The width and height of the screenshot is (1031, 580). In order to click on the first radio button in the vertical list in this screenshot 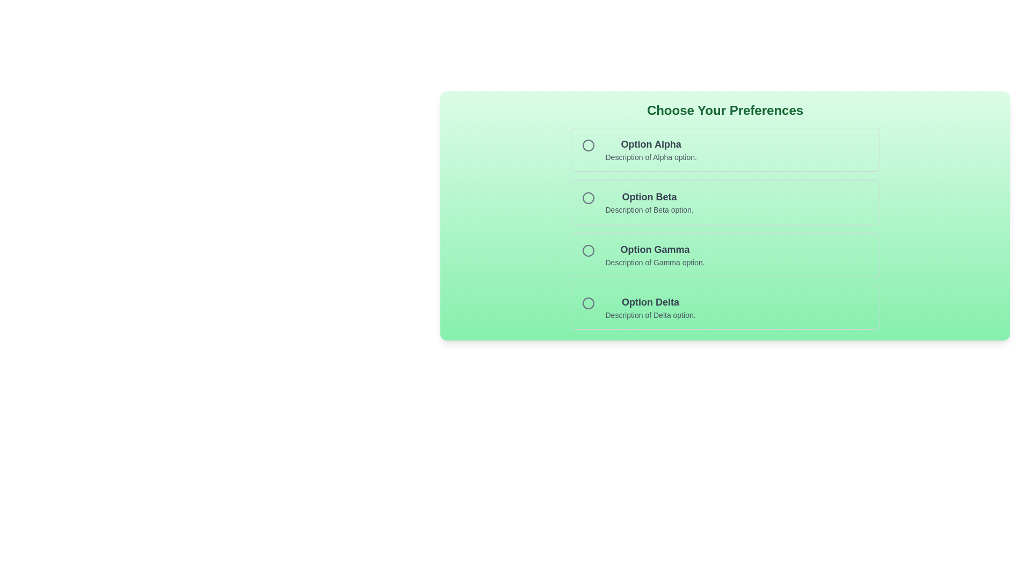, I will do `click(587, 145)`.